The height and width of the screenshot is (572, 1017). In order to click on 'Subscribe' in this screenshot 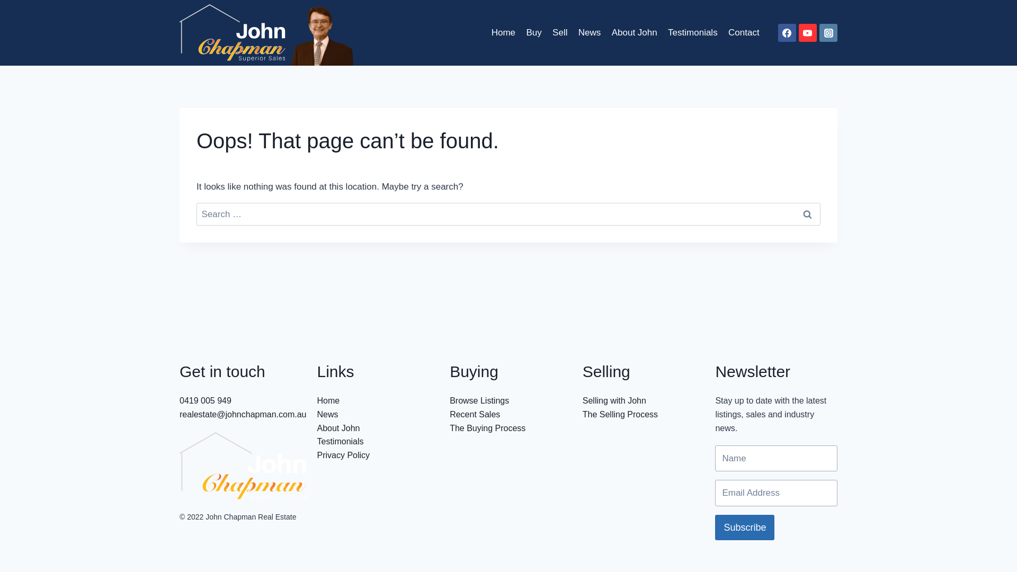, I will do `click(744, 527)`.